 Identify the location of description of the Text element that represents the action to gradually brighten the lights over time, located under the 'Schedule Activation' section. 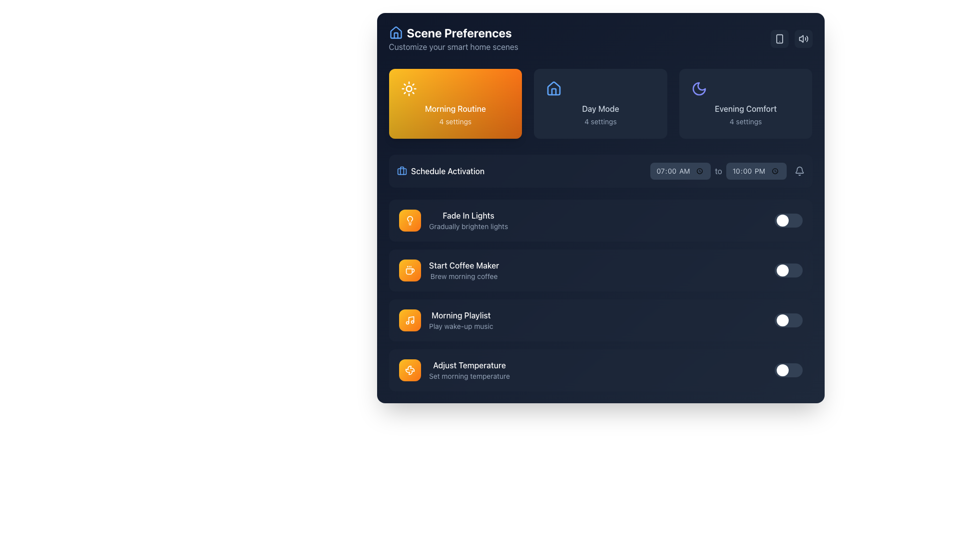
(453, 220).